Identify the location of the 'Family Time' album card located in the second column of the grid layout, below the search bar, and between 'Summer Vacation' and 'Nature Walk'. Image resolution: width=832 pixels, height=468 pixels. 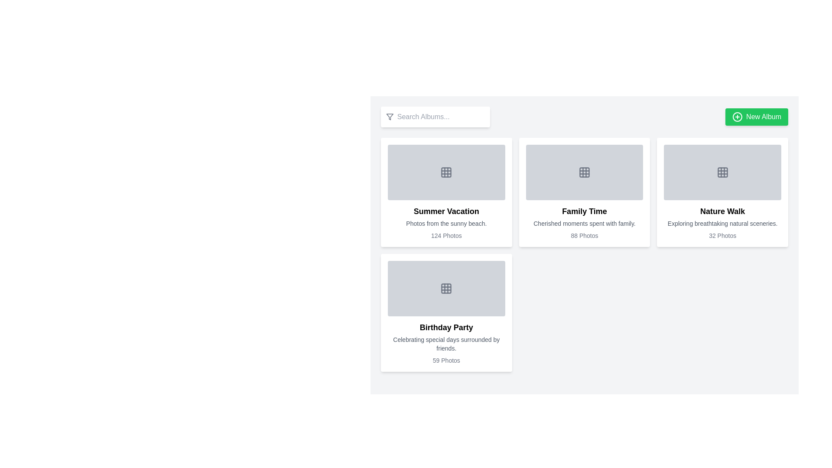
(584, 192).